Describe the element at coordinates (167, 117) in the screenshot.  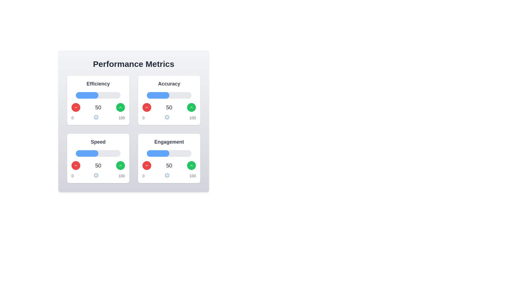
I see `the circular Informational Icon with a blue outline and an information symbol located at the bottom of the 'Accuracy' card, centrally positioned between the '0' and '100' text` at that location.